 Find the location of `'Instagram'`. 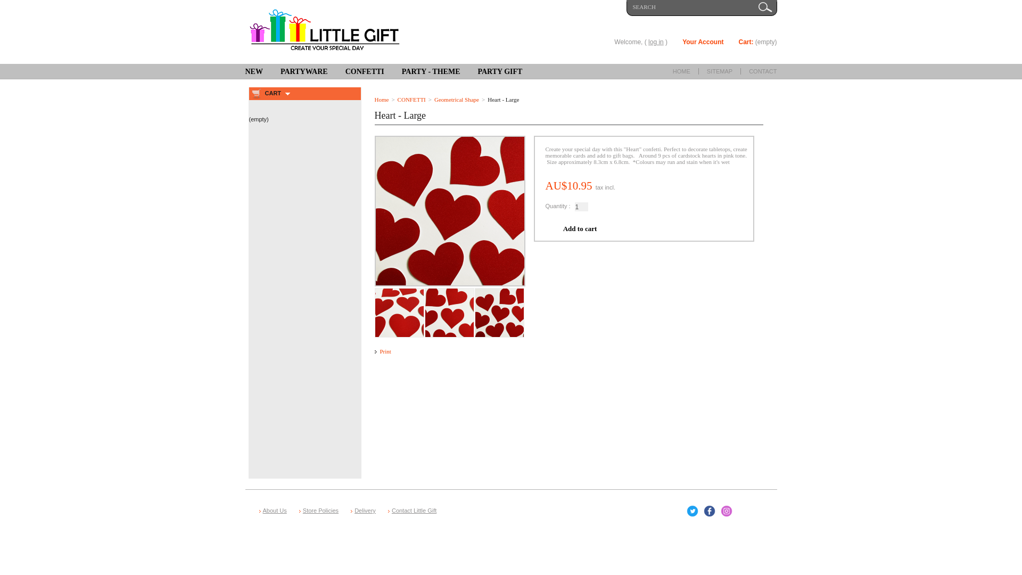

'Instagram' is located at coordinates (726, 511).